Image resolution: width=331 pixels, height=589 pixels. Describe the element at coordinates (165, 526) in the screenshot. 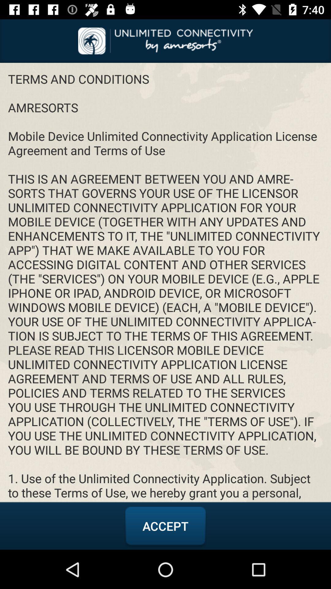

I see `the item below the terms and conditions item` at that location.